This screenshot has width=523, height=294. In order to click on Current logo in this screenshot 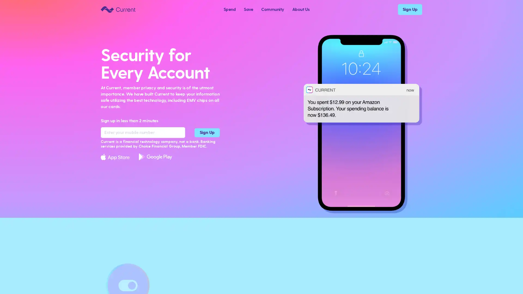, I will do `click(118, 9)`.